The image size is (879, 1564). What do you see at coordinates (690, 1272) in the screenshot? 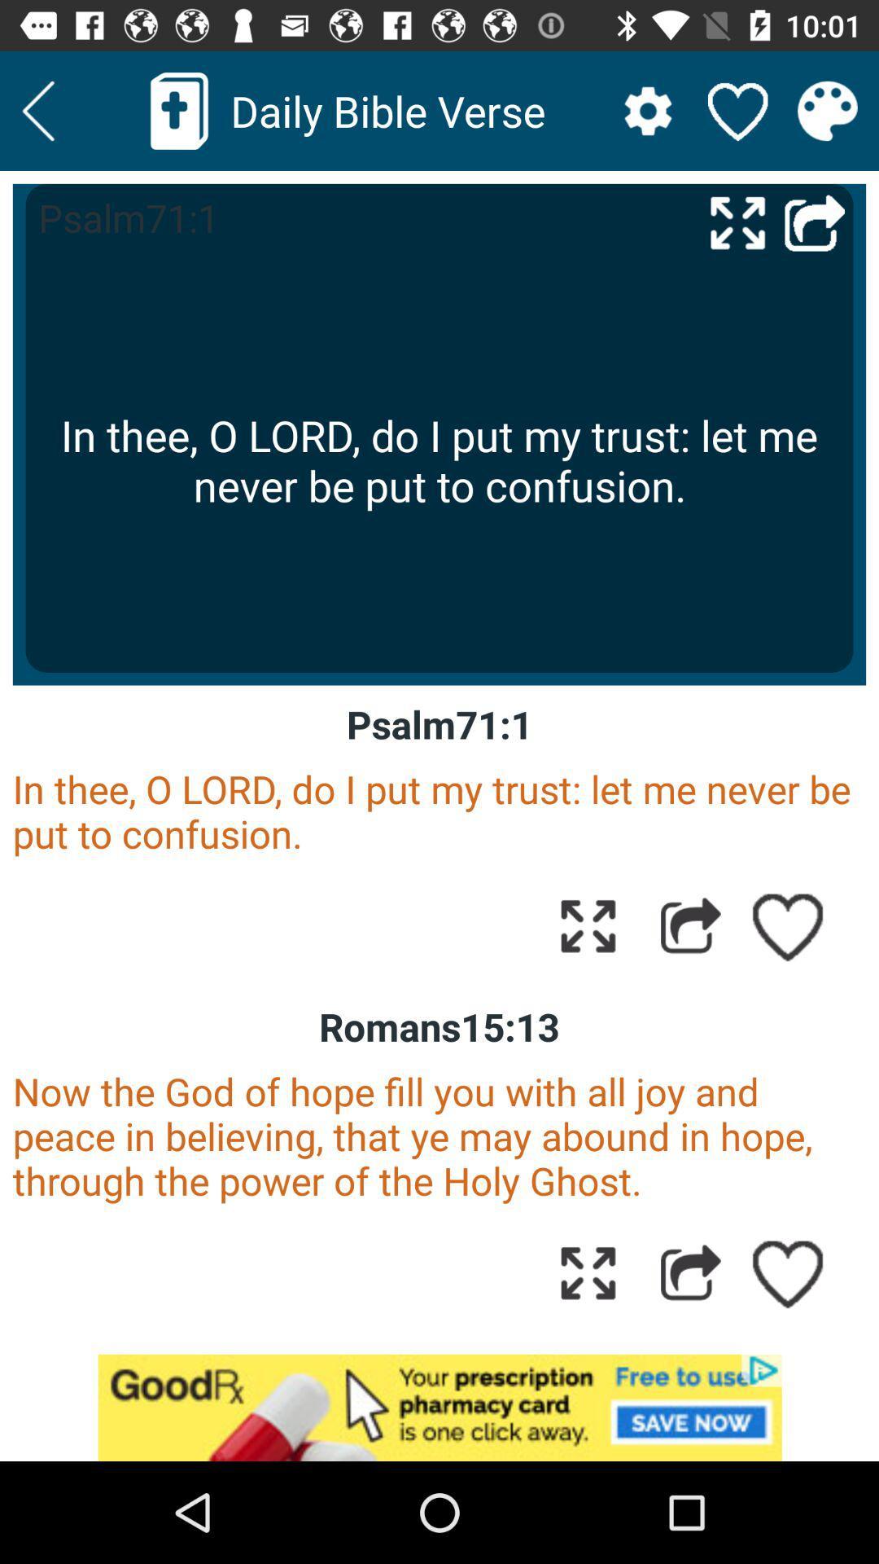
I see `share` at bounding box center [690, 1272].